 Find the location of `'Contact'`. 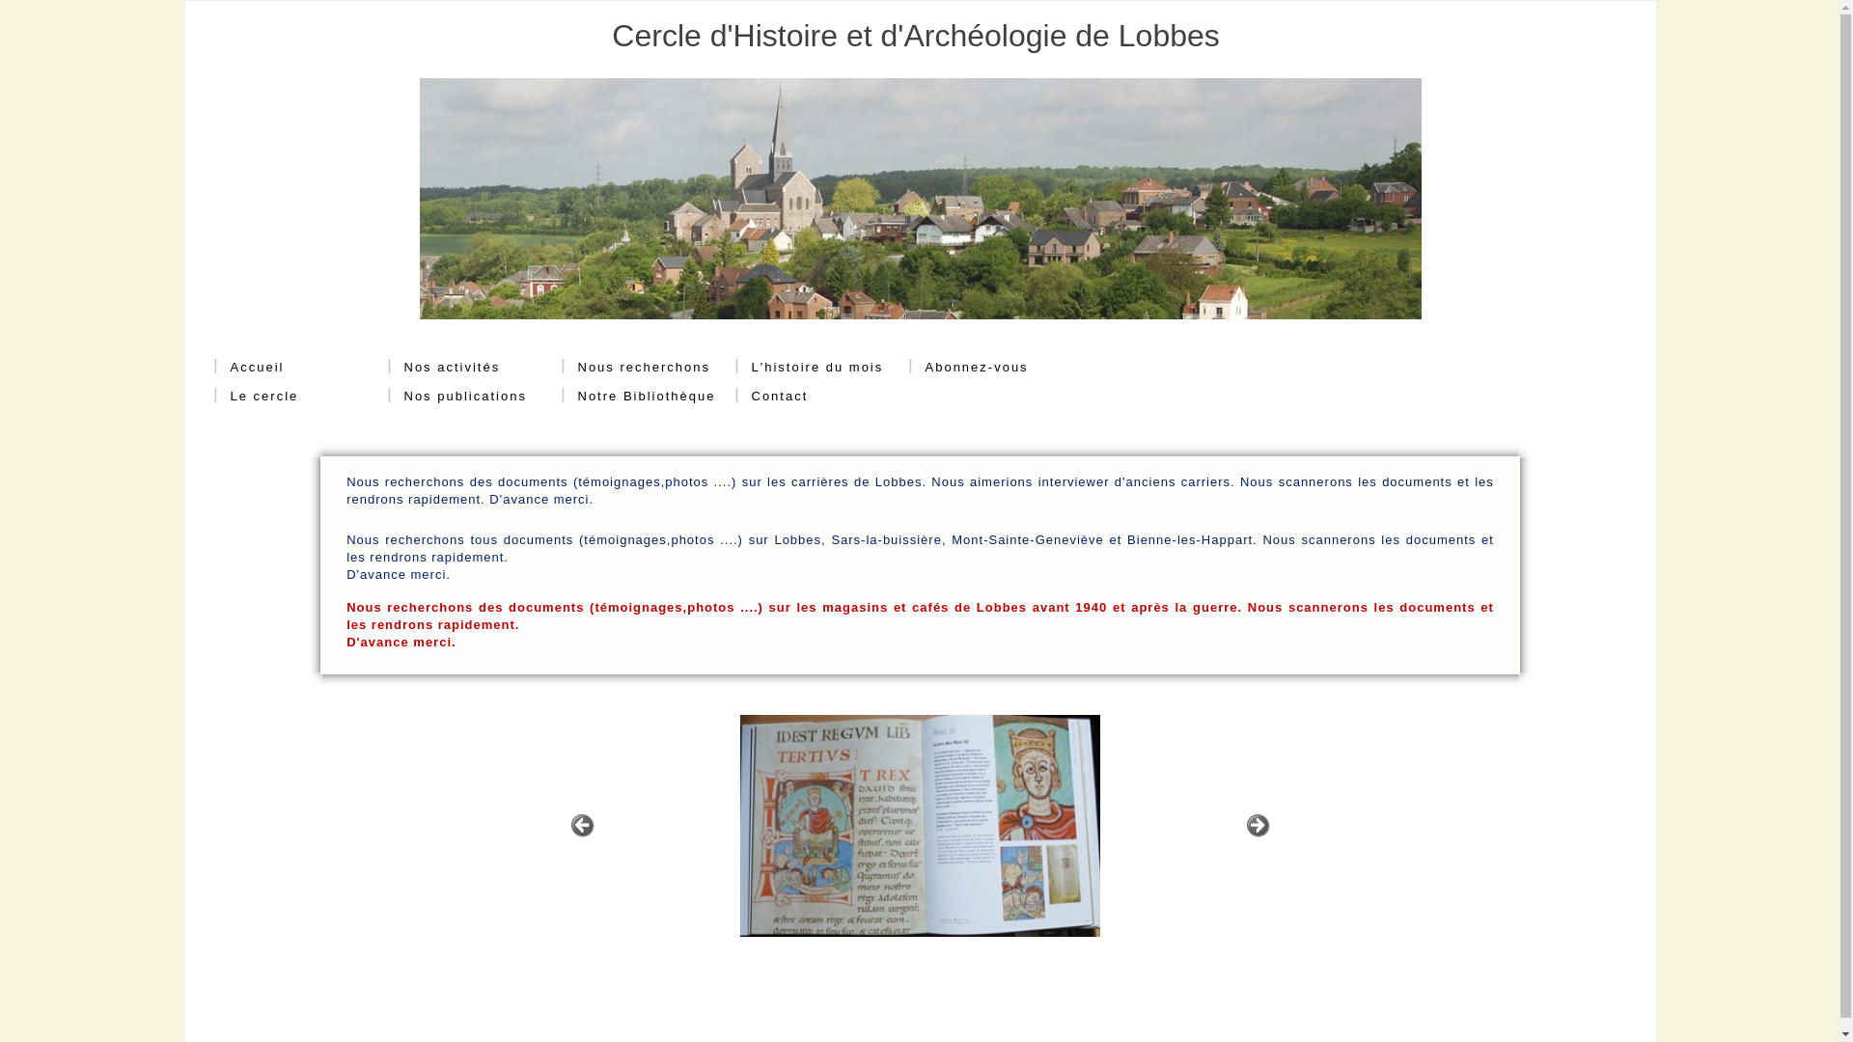

'Contact' is located at coordinates (749, 396).